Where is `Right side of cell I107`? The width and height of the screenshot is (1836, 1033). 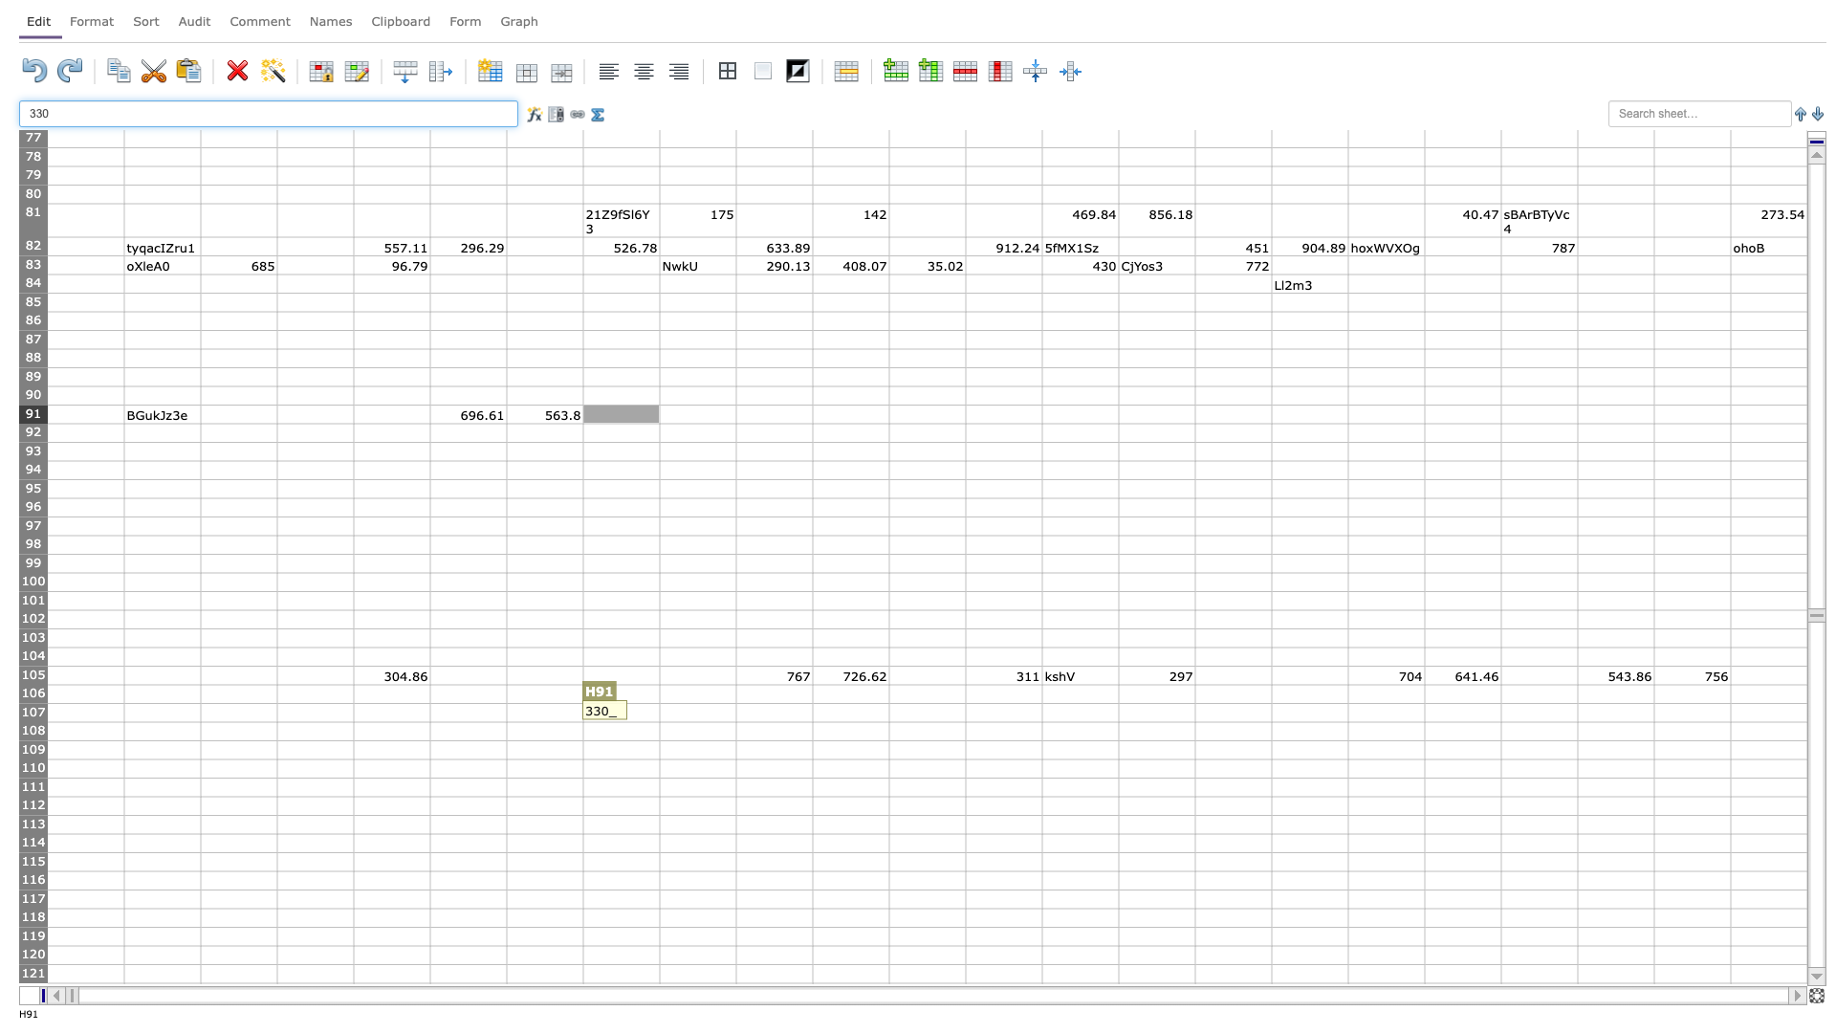
Right side of cell I107 is located at coordinates (734, 713).